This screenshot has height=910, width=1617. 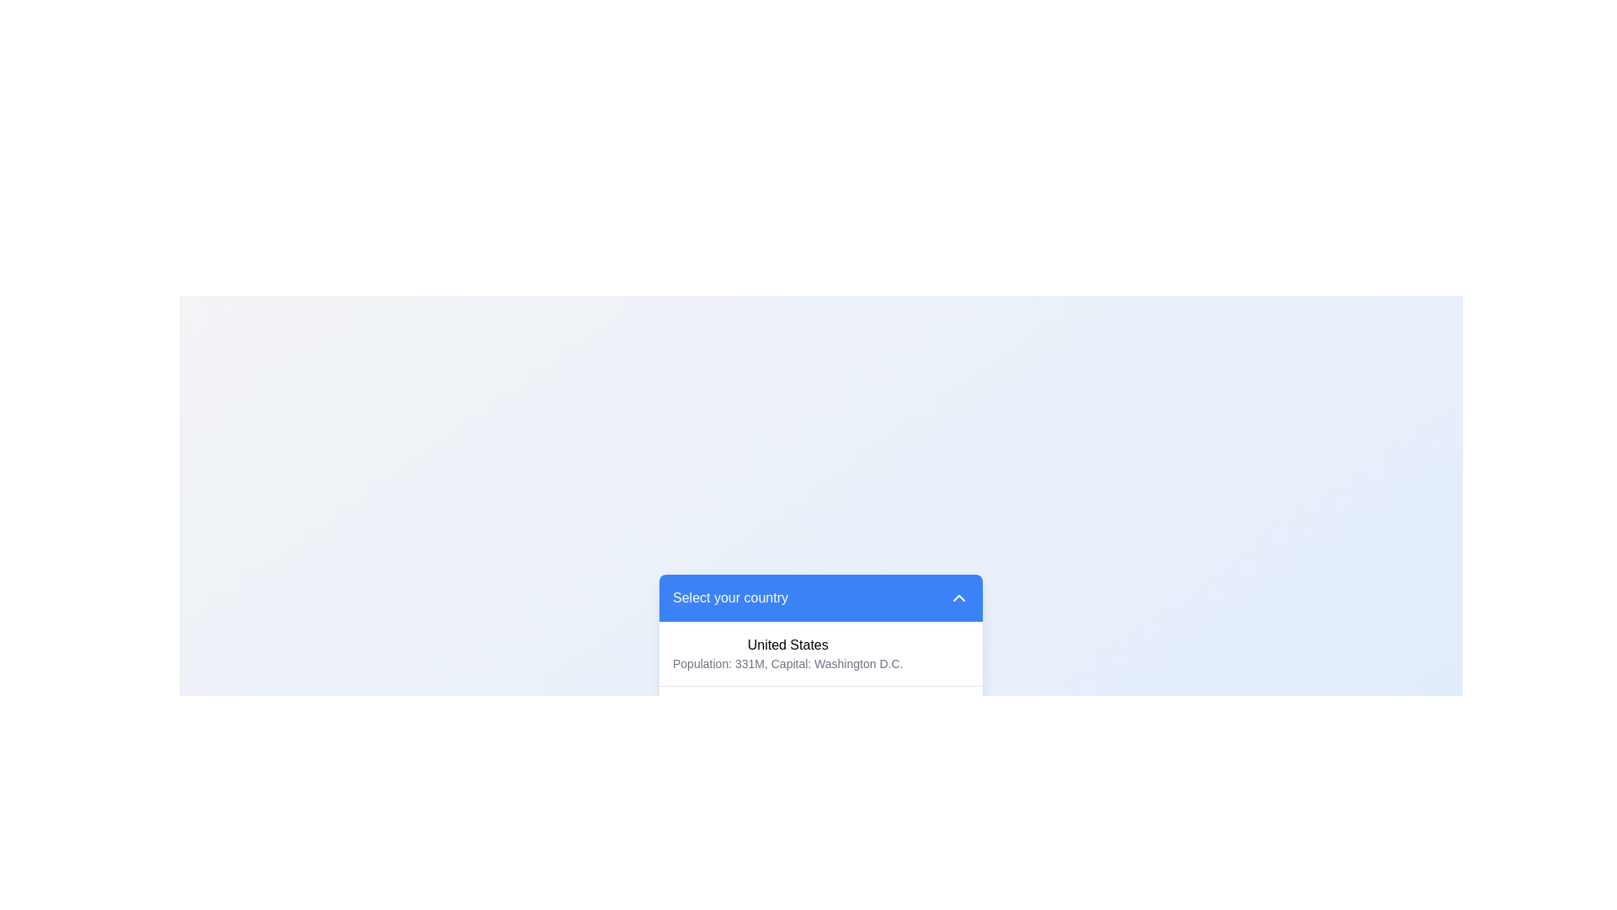 What do you see at coordinates (820, 652) in the screenshot?
I see `the list item representing 'United States'` at bounding box center [820, 652].